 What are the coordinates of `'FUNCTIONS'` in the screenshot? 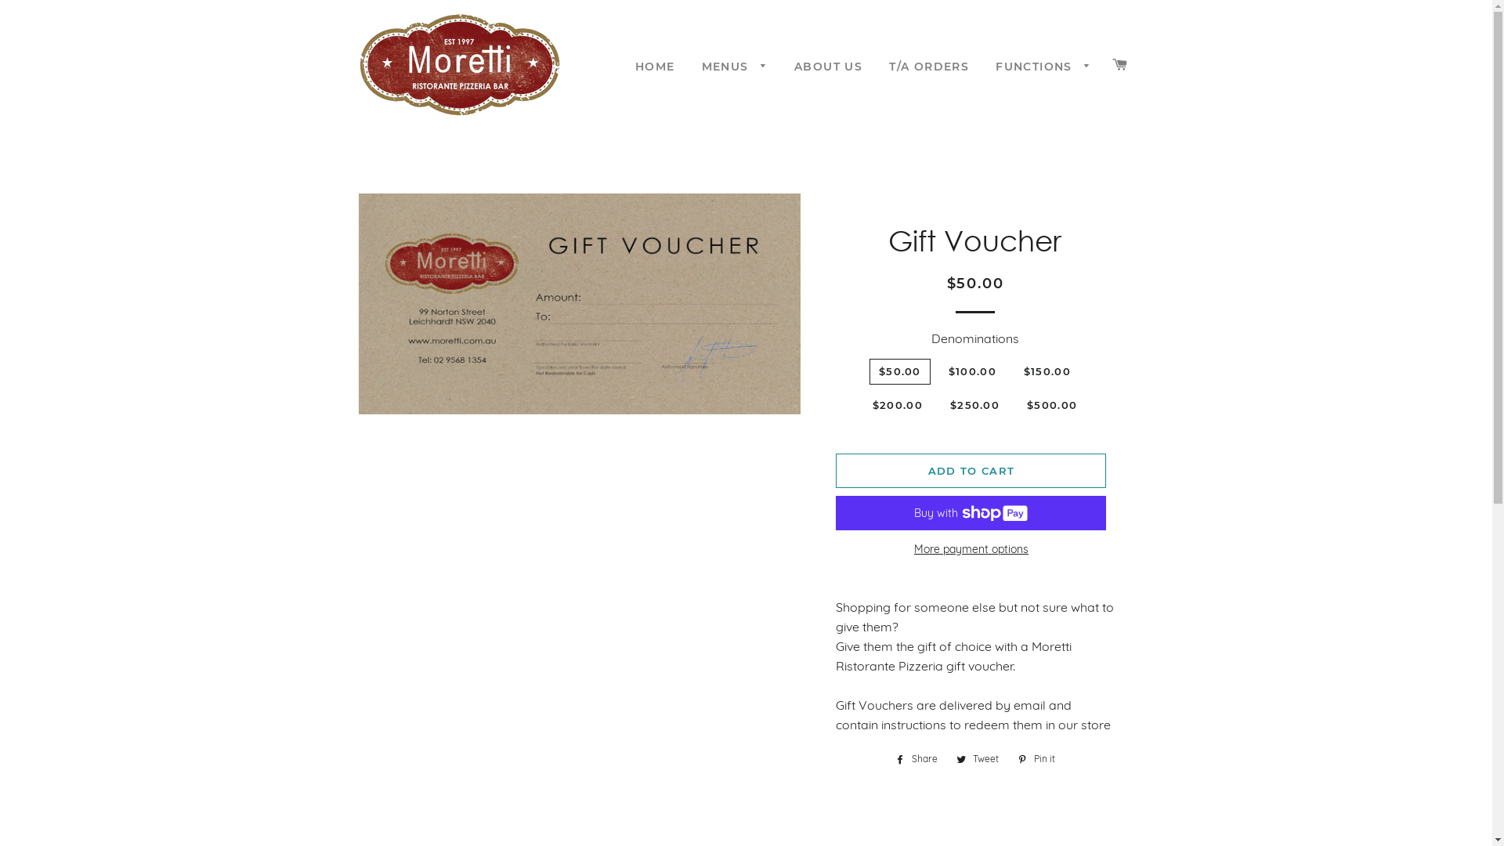 It's located at (1043, 66).